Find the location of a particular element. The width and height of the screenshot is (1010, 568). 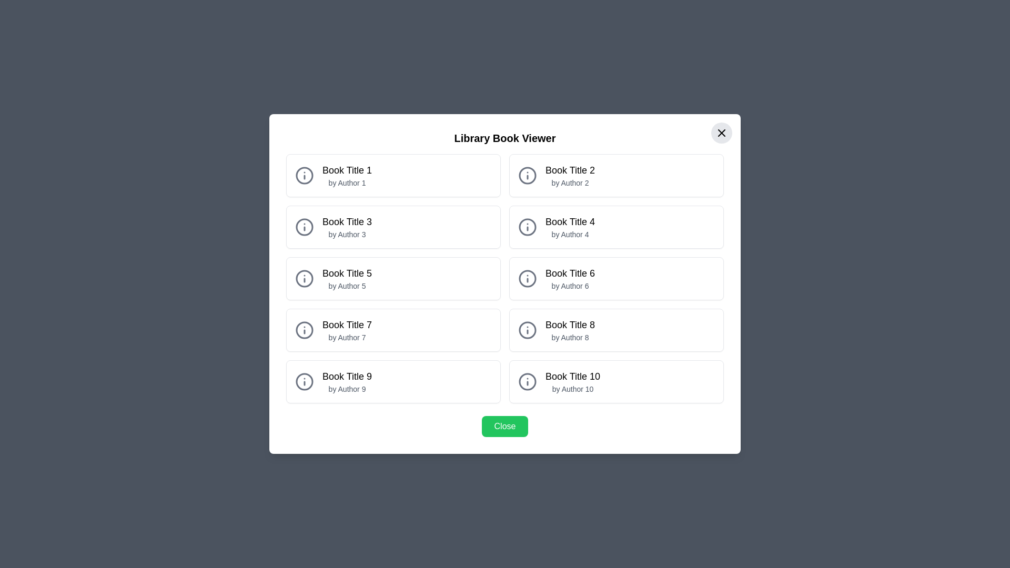

the top_close_button button to close the dialog is located at coordinates (721, 133).